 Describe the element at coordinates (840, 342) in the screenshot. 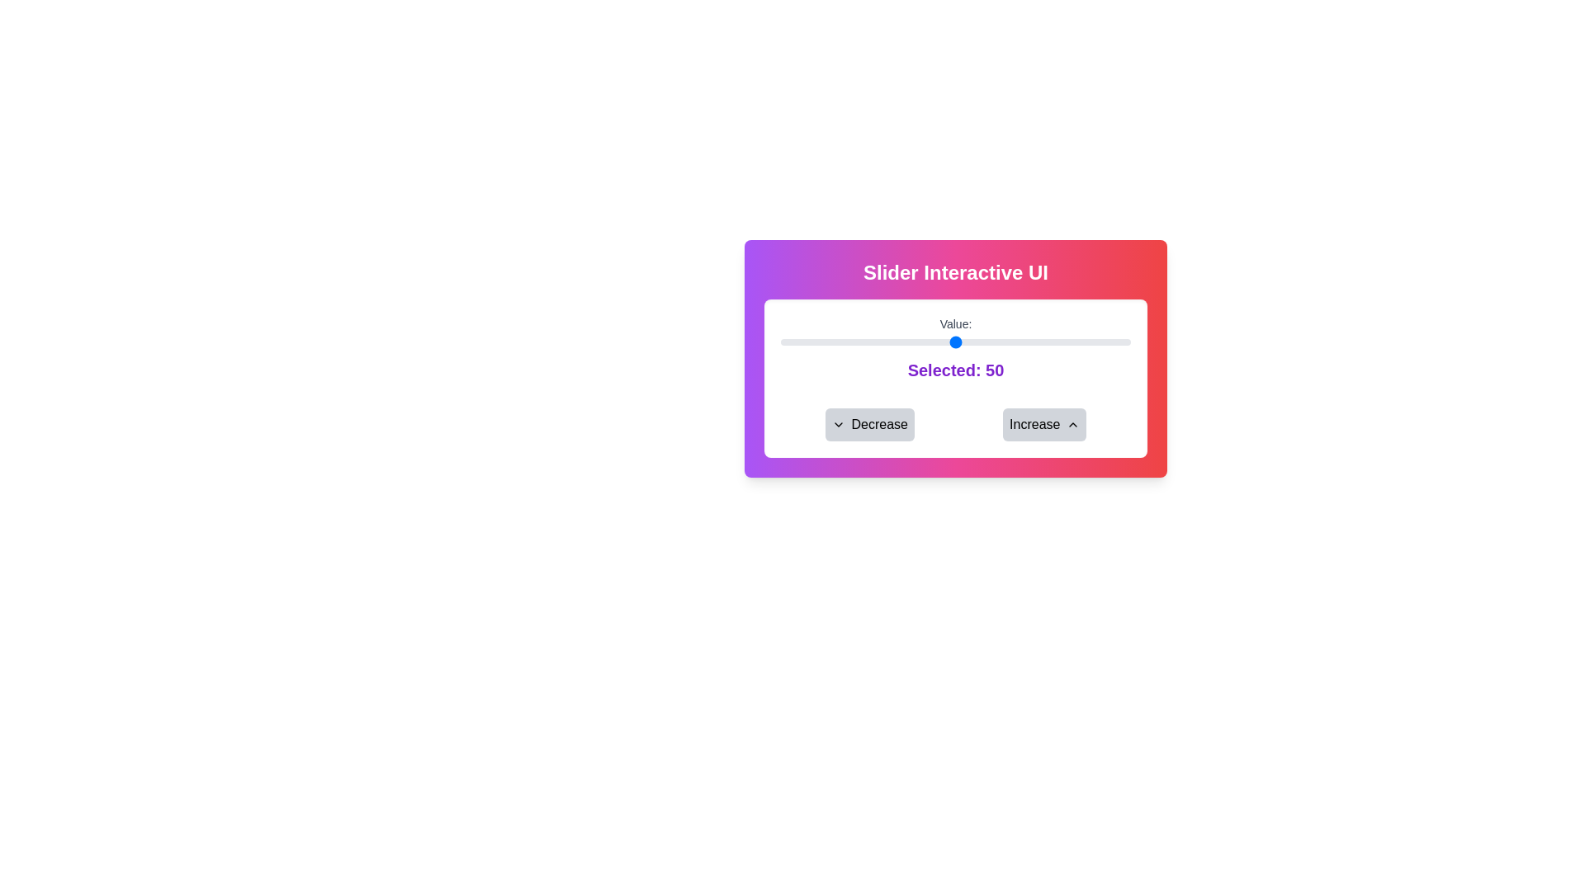

I see `slider value` at that location.